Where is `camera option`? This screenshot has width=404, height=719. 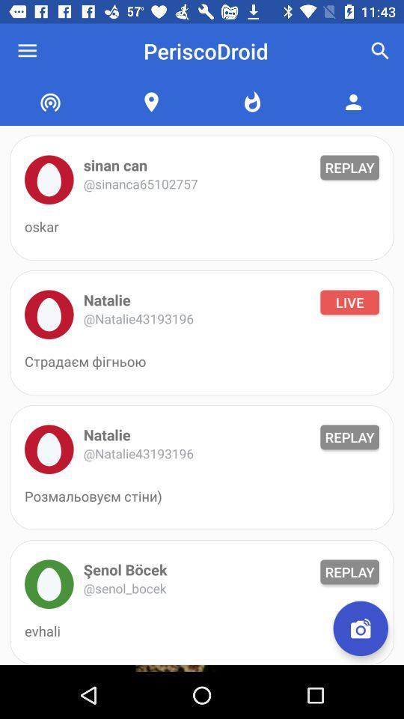
camera option is located at coordinates (360, 628).